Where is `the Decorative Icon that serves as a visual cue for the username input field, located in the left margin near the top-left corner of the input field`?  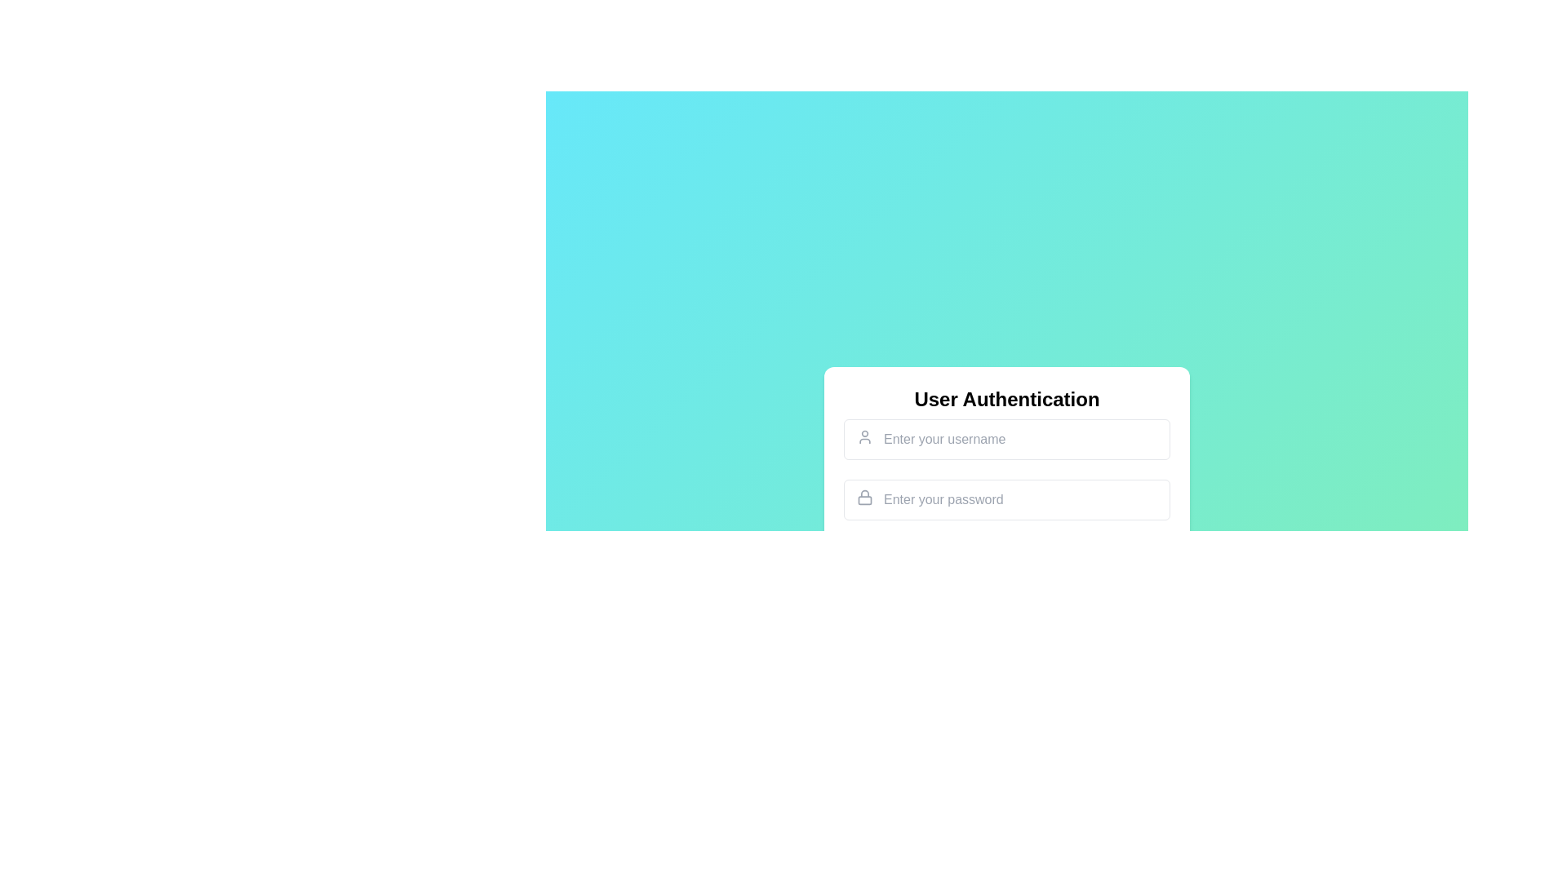 the Decorative Icon that serves as a visual cue for the username input field, located in the left margin near the top-left corner of the input field is located at coordinates (864, 436).